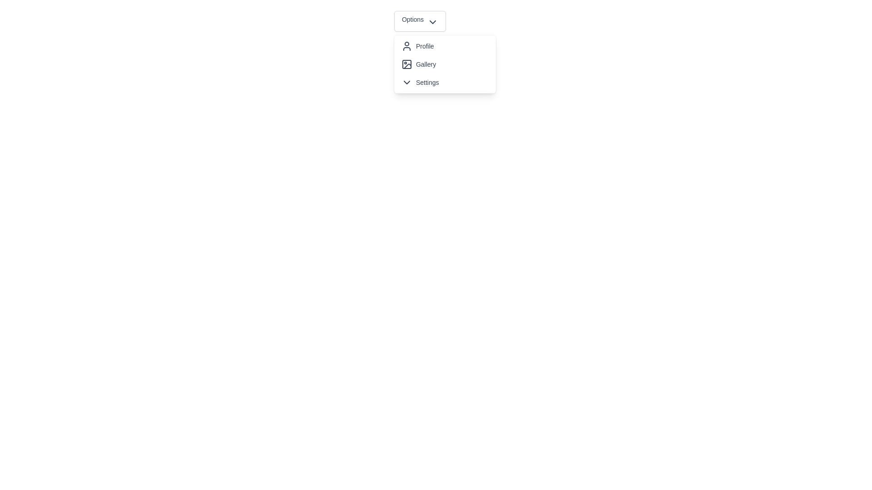 This screenshot has height=490, width=872. I want to click on the chevron icon located to the left of the 'Settings' text in the dropdown menu, so click(406, 82).